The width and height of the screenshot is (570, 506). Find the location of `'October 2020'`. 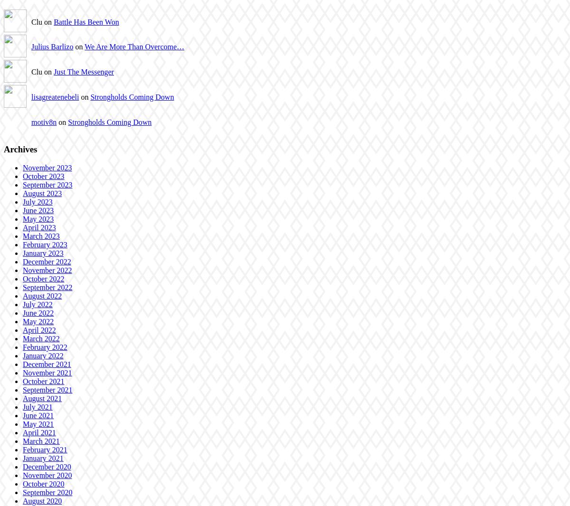

'October 2020' is located at coordinates (23, 483).